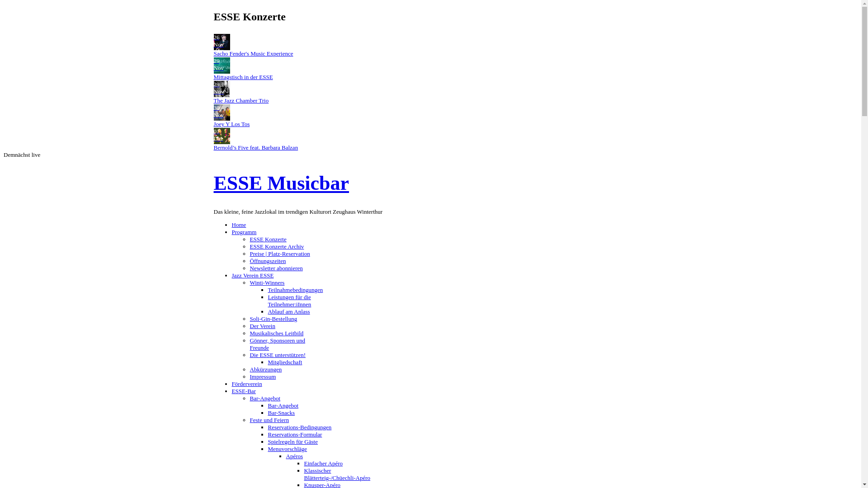  What do you see at coordinates (269, 420) in the screenshot?
I see `'Feste und Feiern'` at bounding box center [269, 420].